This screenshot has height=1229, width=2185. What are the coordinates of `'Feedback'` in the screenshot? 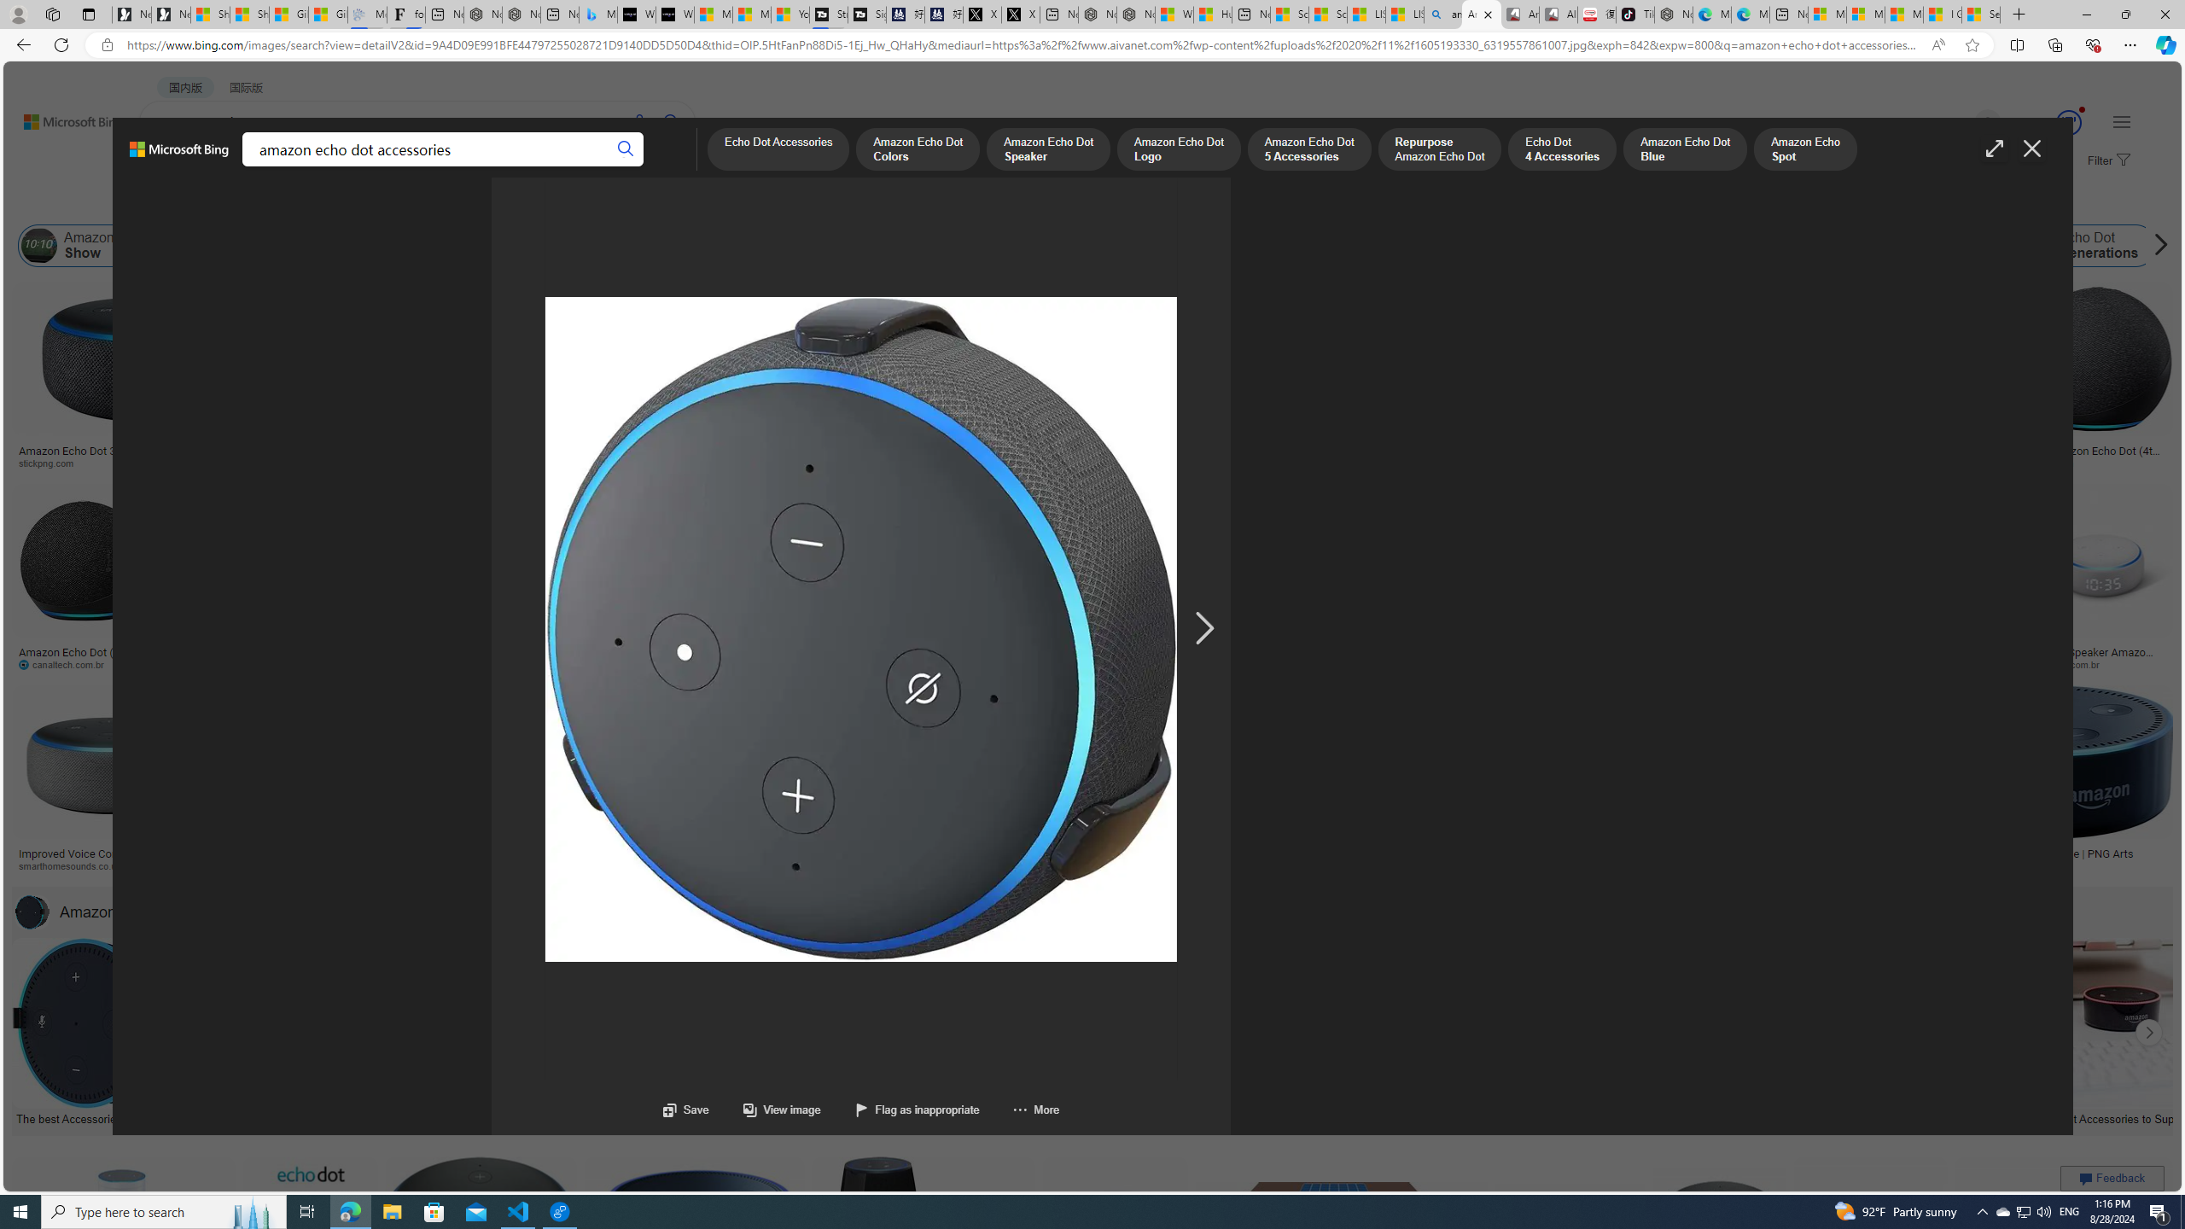 It's located at (2112, 1177).